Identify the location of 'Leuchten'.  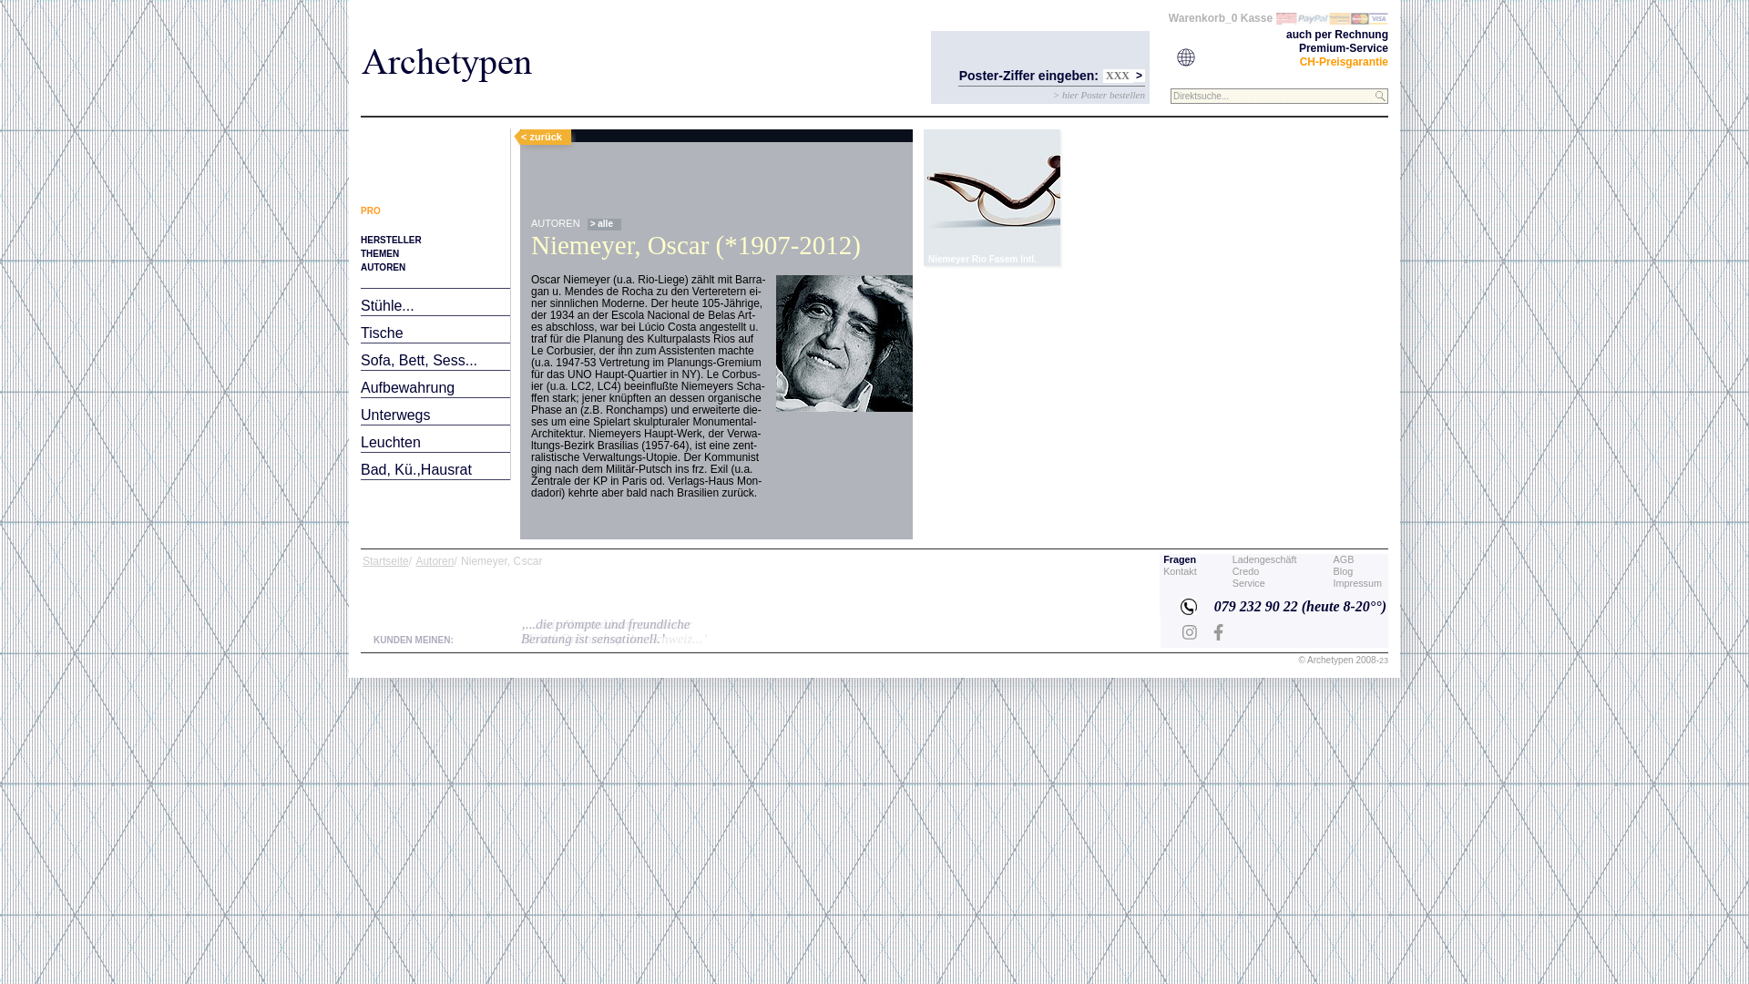
(389, 442).